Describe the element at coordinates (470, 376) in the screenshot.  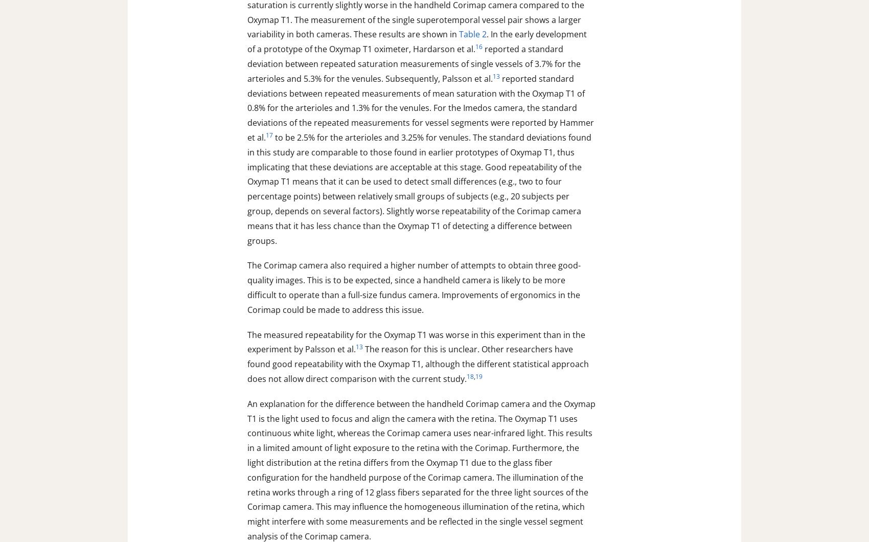
I see `'18'` at that location.